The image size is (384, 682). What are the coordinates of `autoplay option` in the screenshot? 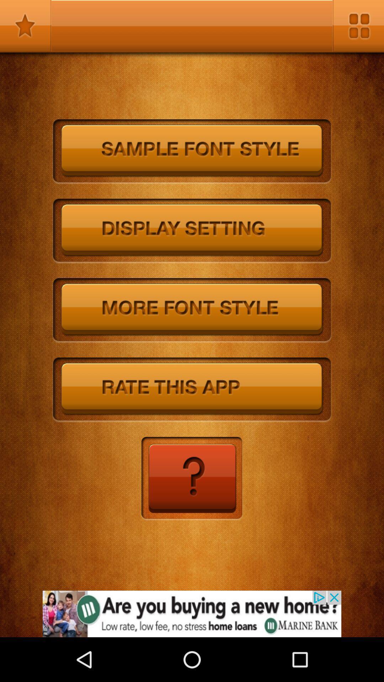 It's located at (192, 231).